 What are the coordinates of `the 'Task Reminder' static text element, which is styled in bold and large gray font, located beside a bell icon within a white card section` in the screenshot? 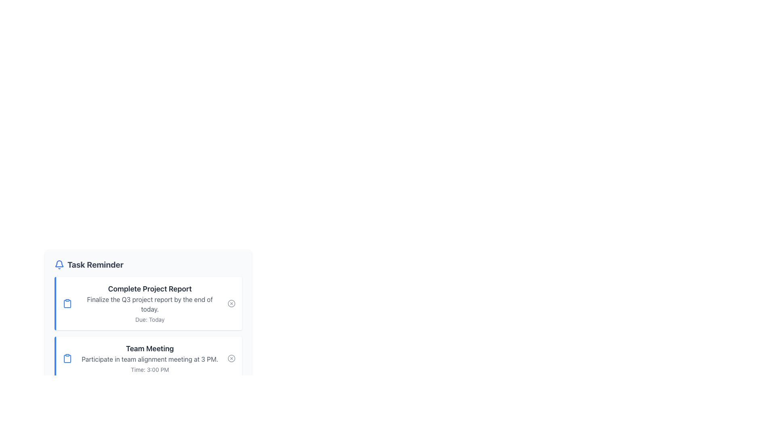 It's located at (95, 264).